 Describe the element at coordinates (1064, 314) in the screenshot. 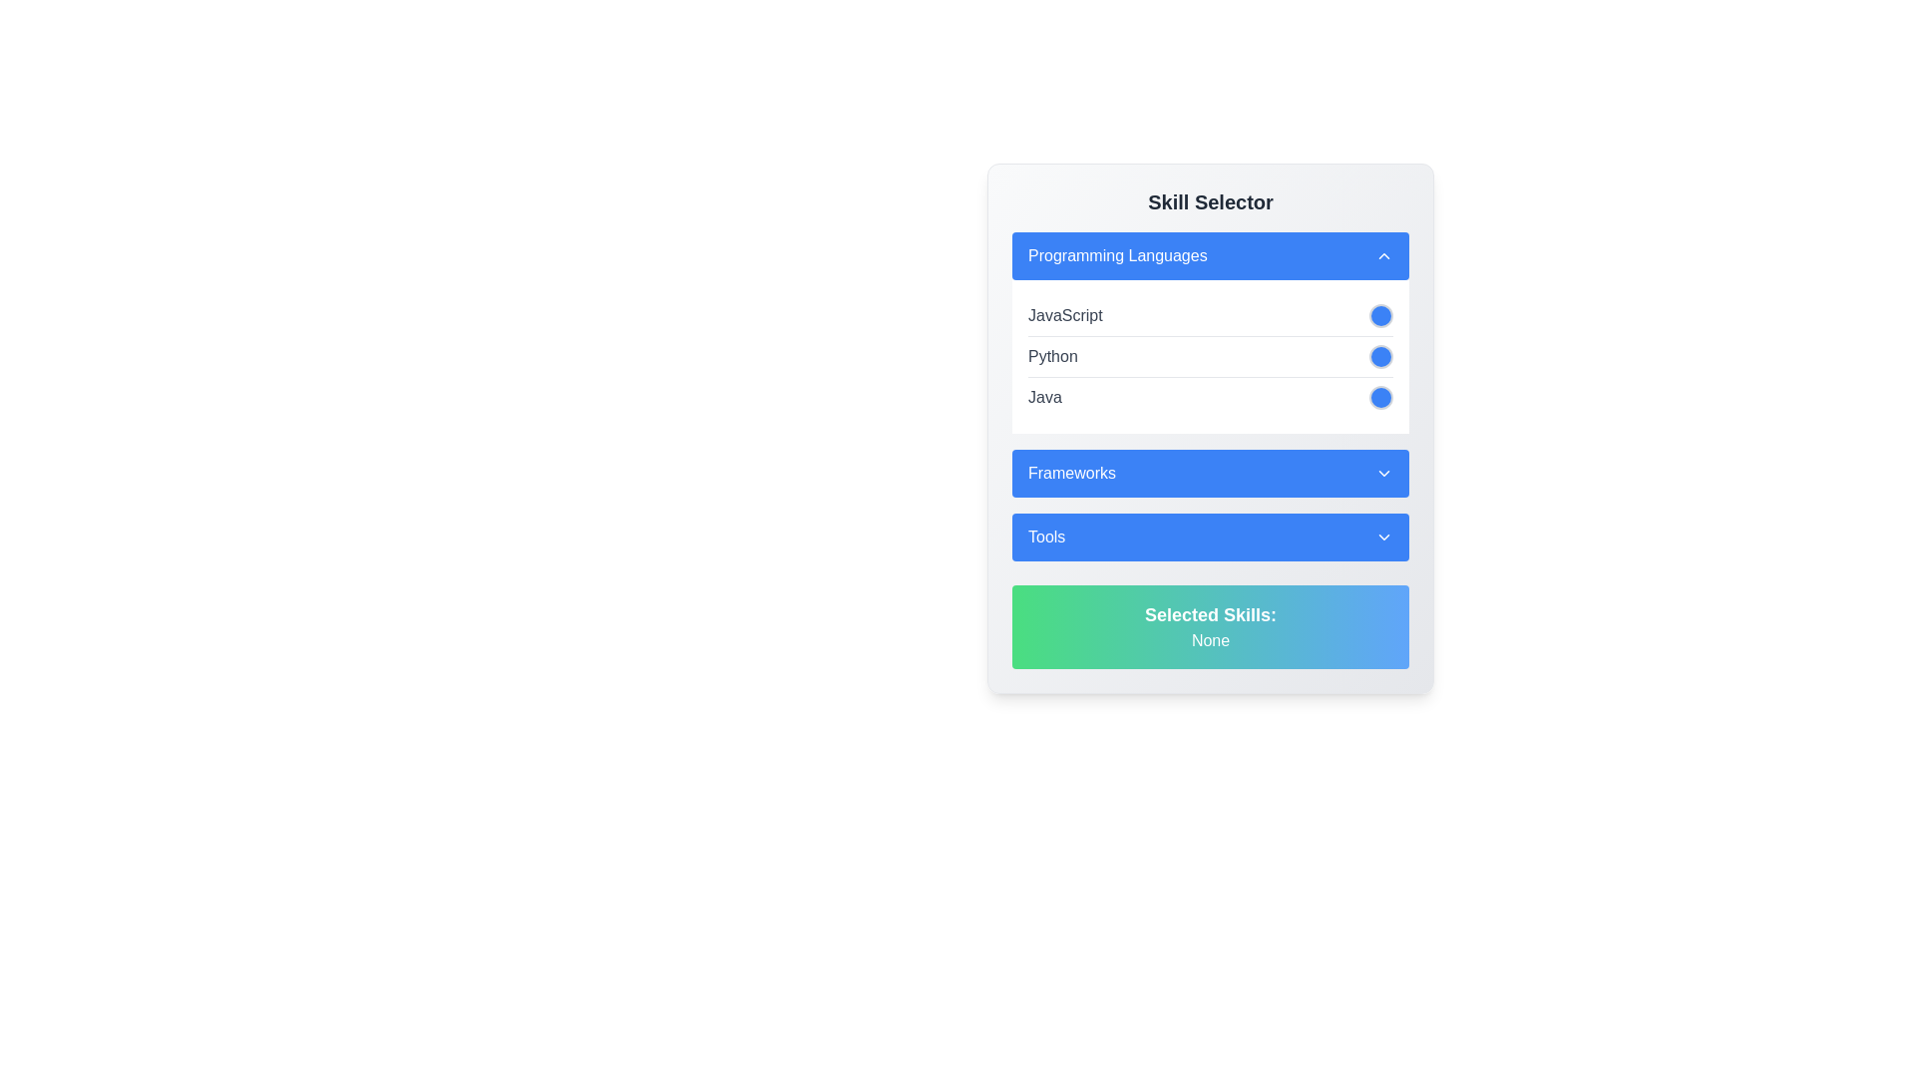

I see `the 'Programming Languages' section in the skill selector widget` at that location.